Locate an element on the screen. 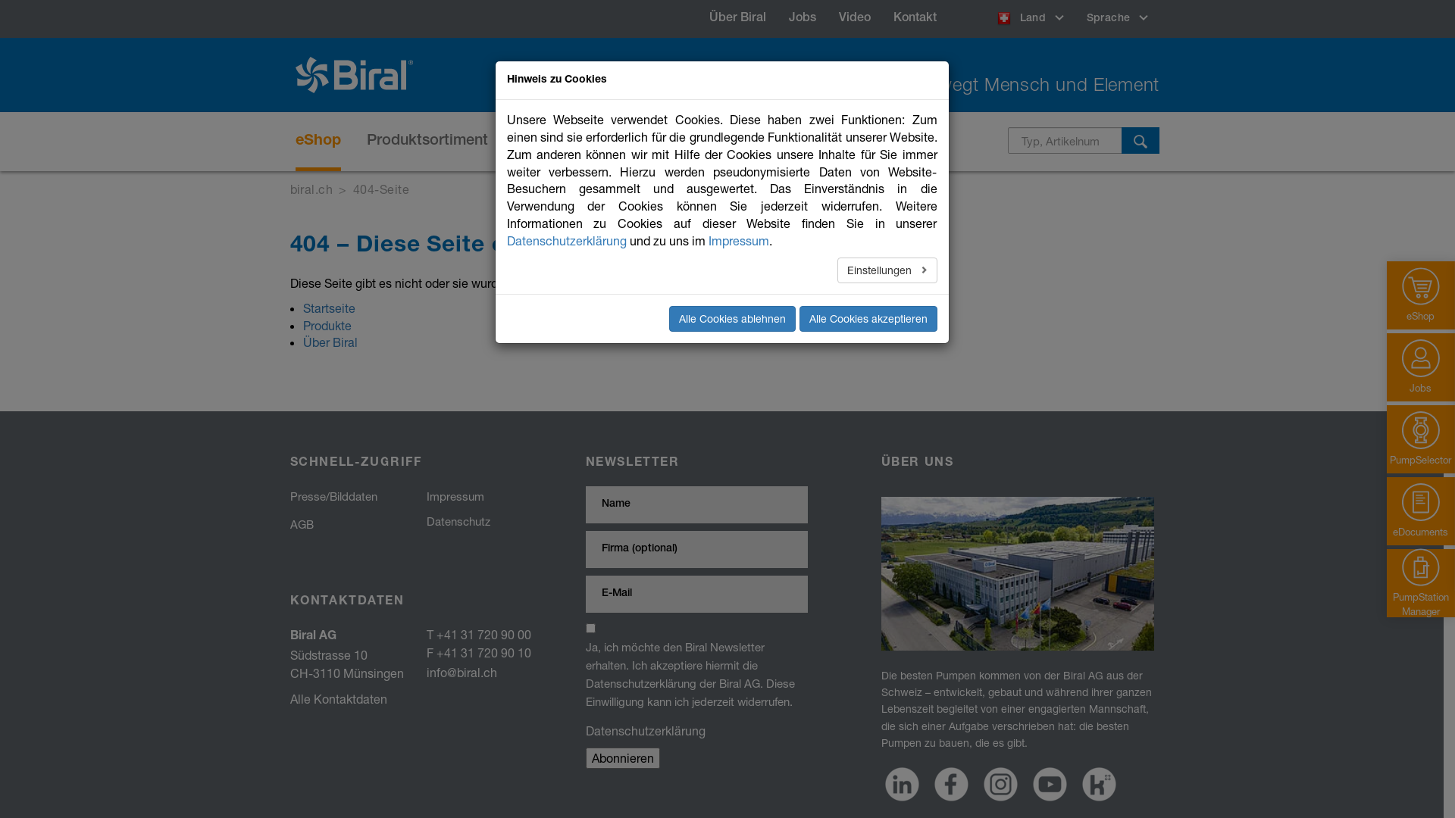 The image size is (1455, 818). 'Impressum' is located at coordinates (738, 239).